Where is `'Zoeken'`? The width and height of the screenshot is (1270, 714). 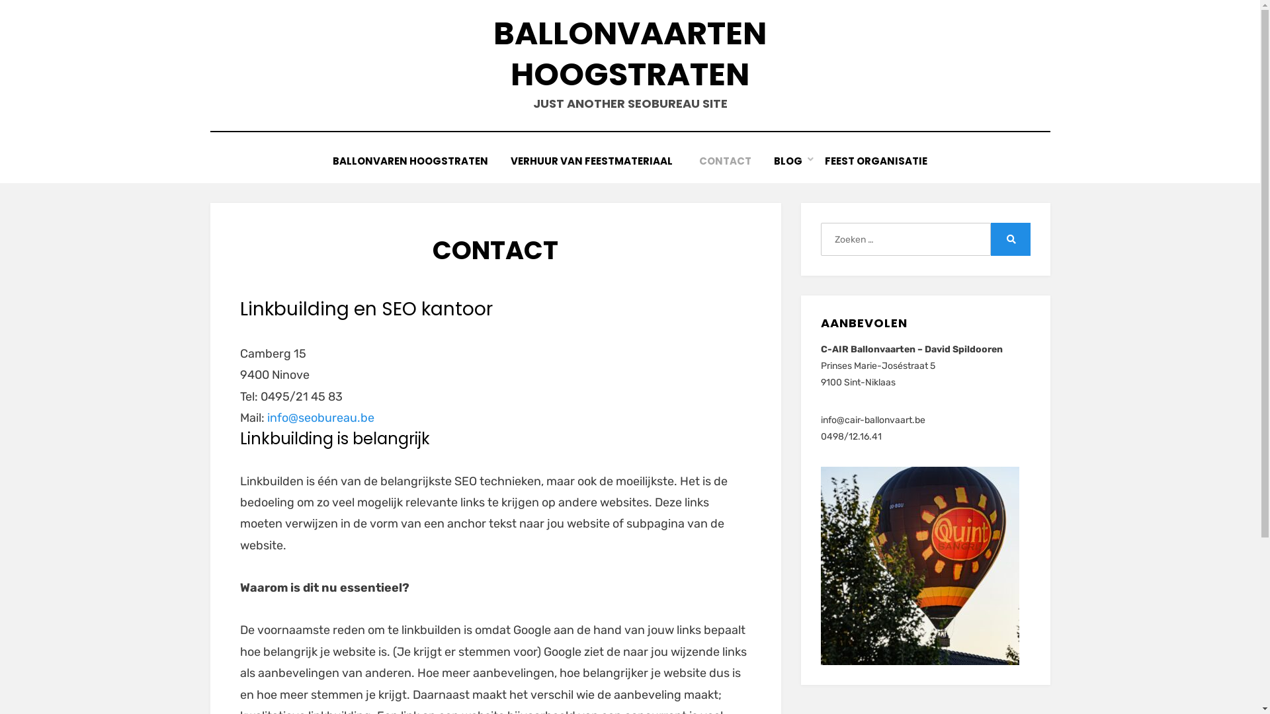 'Zoeken' is located at coordinates (1009, 239).